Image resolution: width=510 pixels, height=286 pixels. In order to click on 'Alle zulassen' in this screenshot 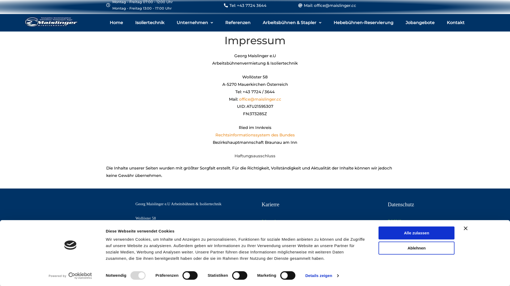, I will do `click(416, 233)`.